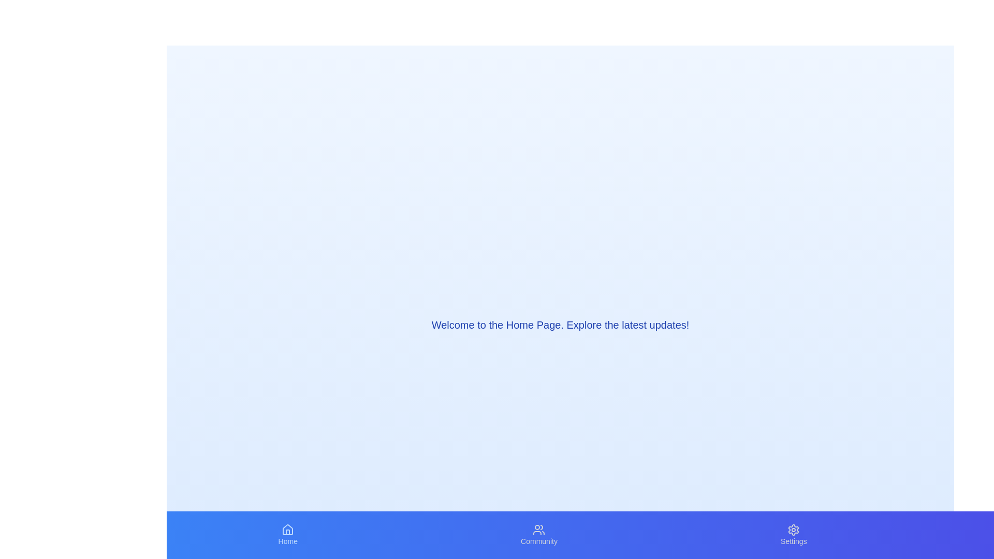 The image size is (994, 559). What do you see at coordinates (538, 535) in the screenshot?
I see `the 'Community' button located on the bottom navigation bar, which features an icon of a group of people and is positioned between the 'Home' and 'Settings' items` at bounding box center [538, 535].